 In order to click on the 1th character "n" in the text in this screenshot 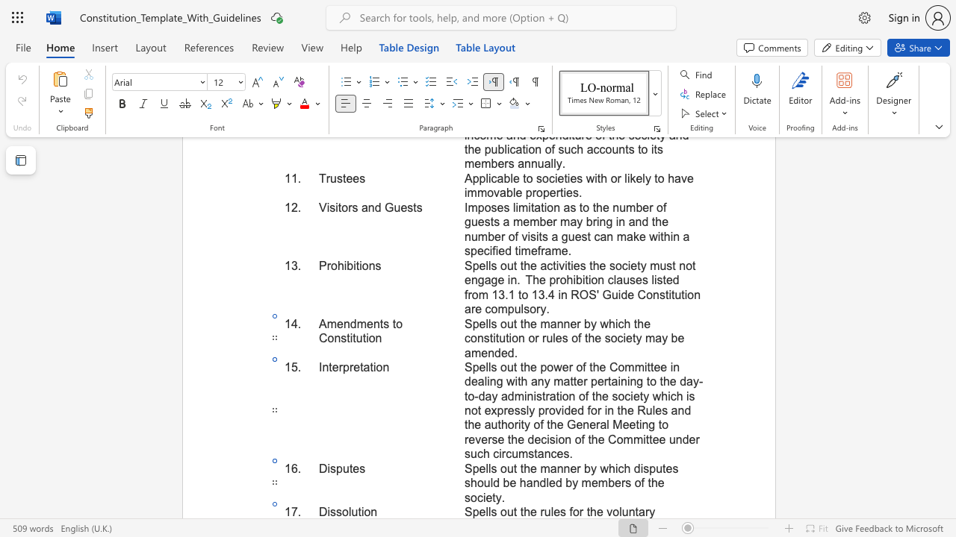, I will do `click(373, 511)`.